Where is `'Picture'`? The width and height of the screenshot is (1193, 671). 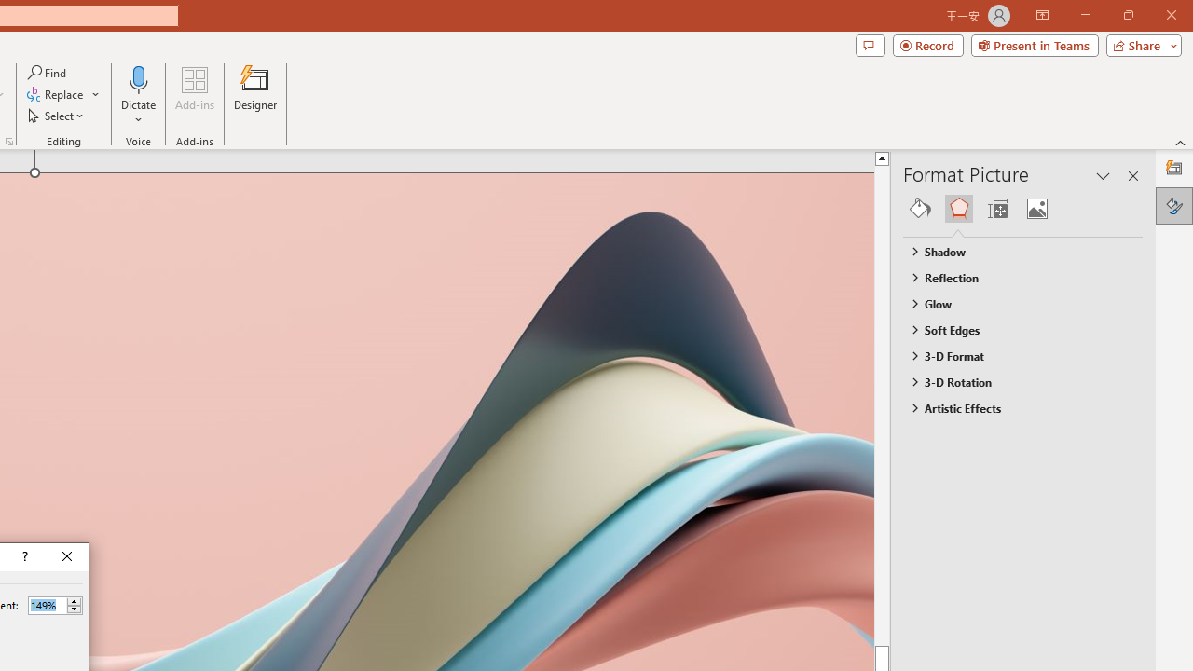
'Picture' is located at coordinates (1035, 208).